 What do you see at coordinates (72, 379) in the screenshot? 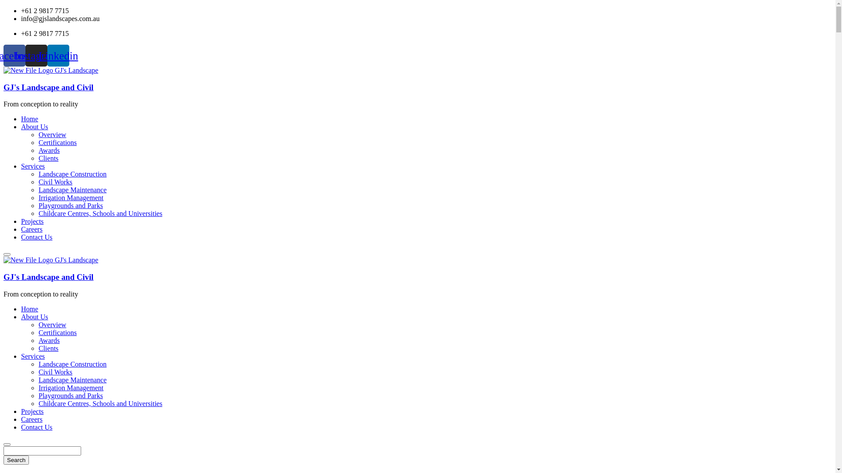
I see `'Landscape Maintenance'` at bounding box center [72, 379].